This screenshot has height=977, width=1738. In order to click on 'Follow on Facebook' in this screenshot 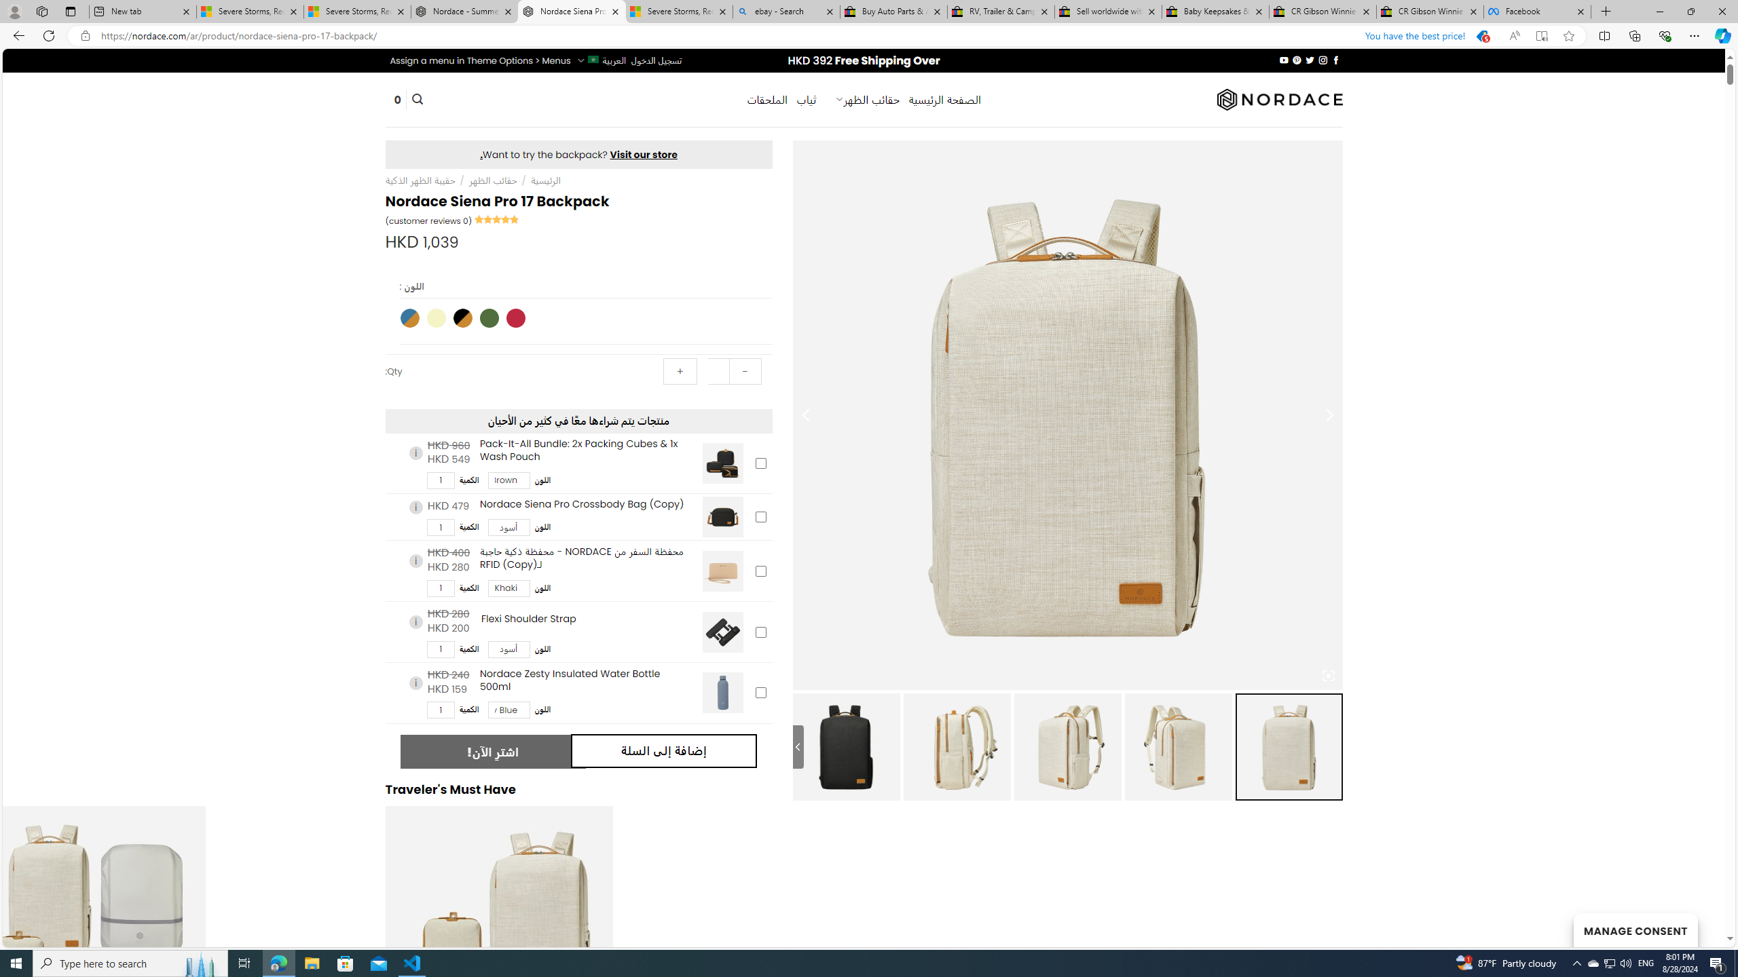, I will do `click(1335, 60)`.